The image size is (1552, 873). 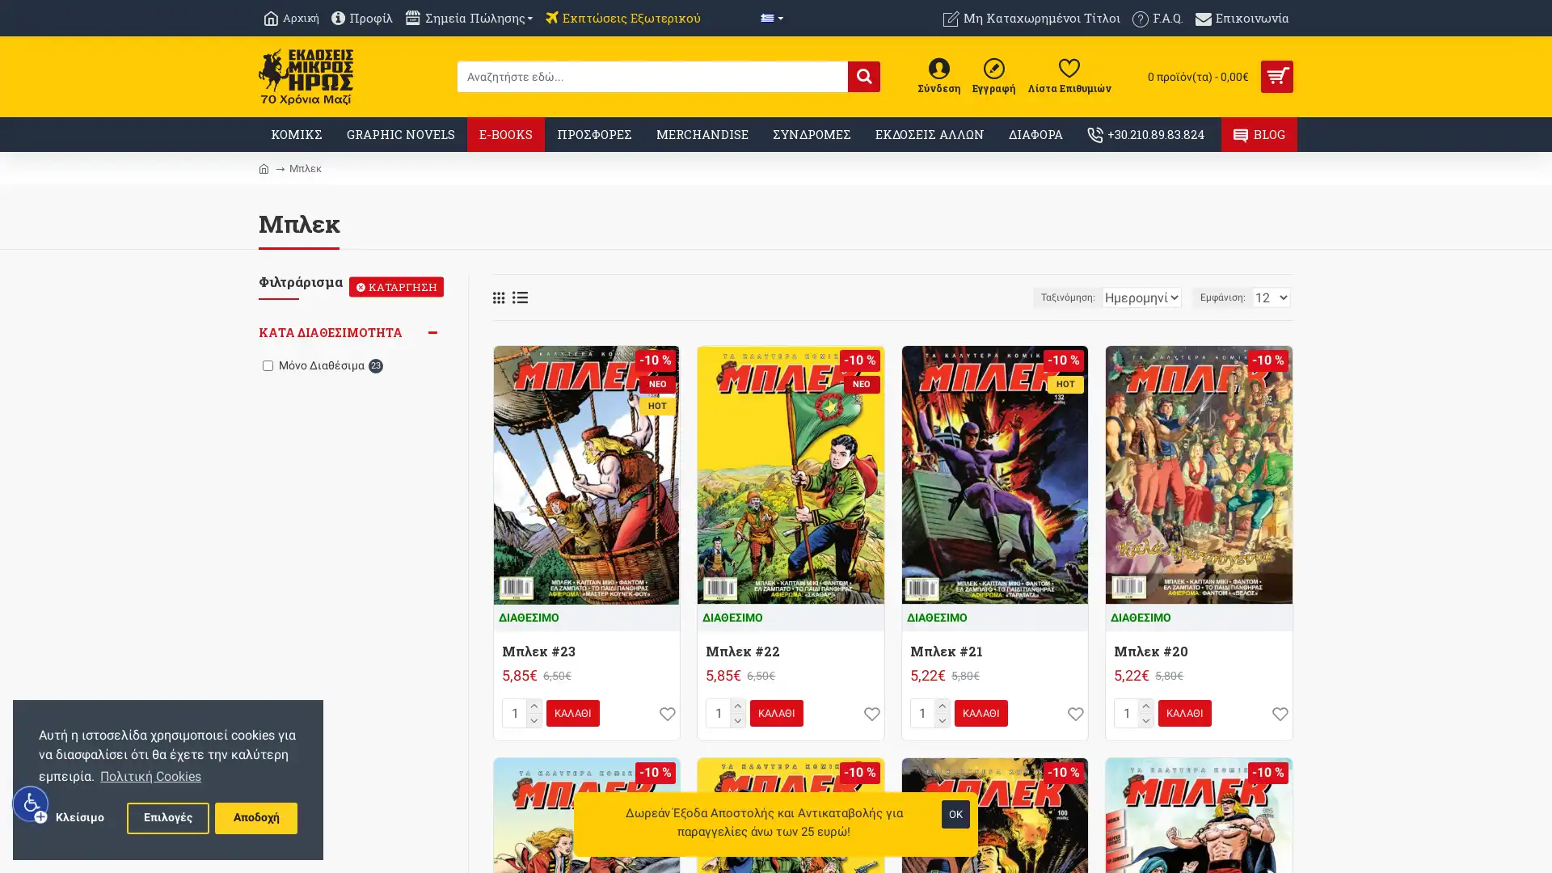 What do you see at coordinates (31, 803) in the screenshot?
I see `Accessibility Menu` at bounding box center [31, 803].